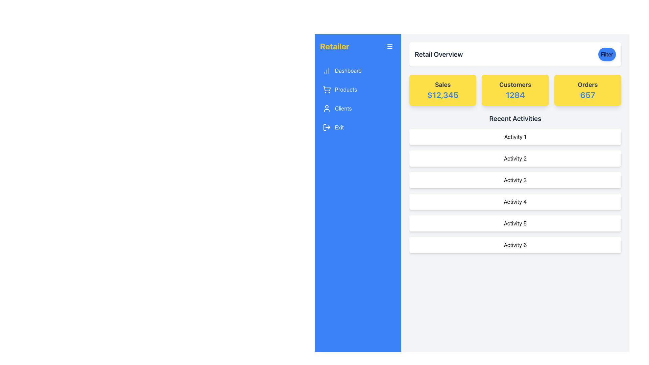  What do you see at coordinates (327, 108) in the screenshot?
I see `the 'Clients' icon in the vertical navigation menu` at bounding box center [327, 108].